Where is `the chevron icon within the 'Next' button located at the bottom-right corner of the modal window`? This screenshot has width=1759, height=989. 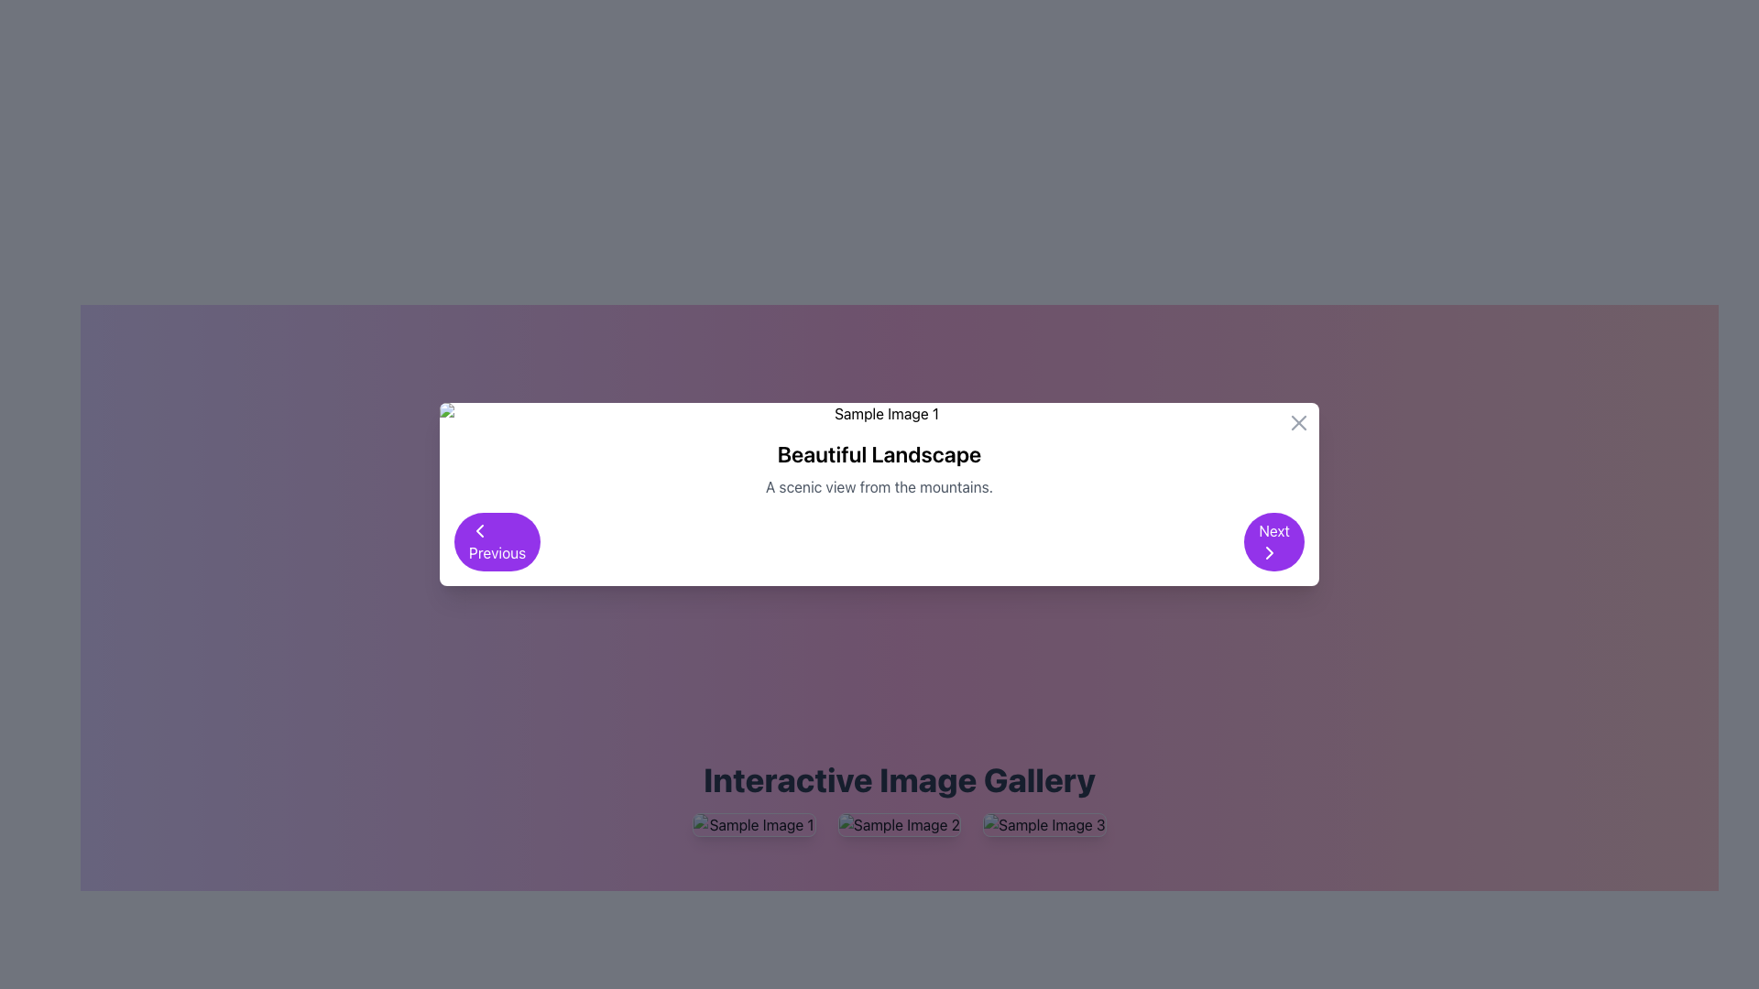 the chevron icon within the 'Next' button located at the bottom-right corner of the modal window is located at coordinates (1269, 552).